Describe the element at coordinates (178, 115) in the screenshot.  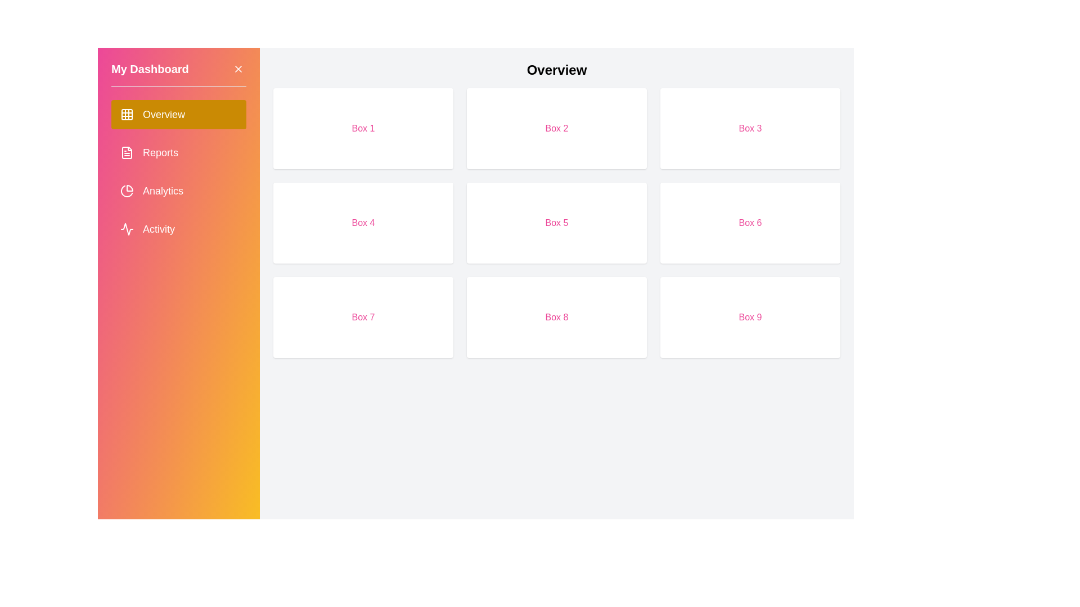
I see `the sidebar option corresponding to Overview to navigate to that section` at that location.